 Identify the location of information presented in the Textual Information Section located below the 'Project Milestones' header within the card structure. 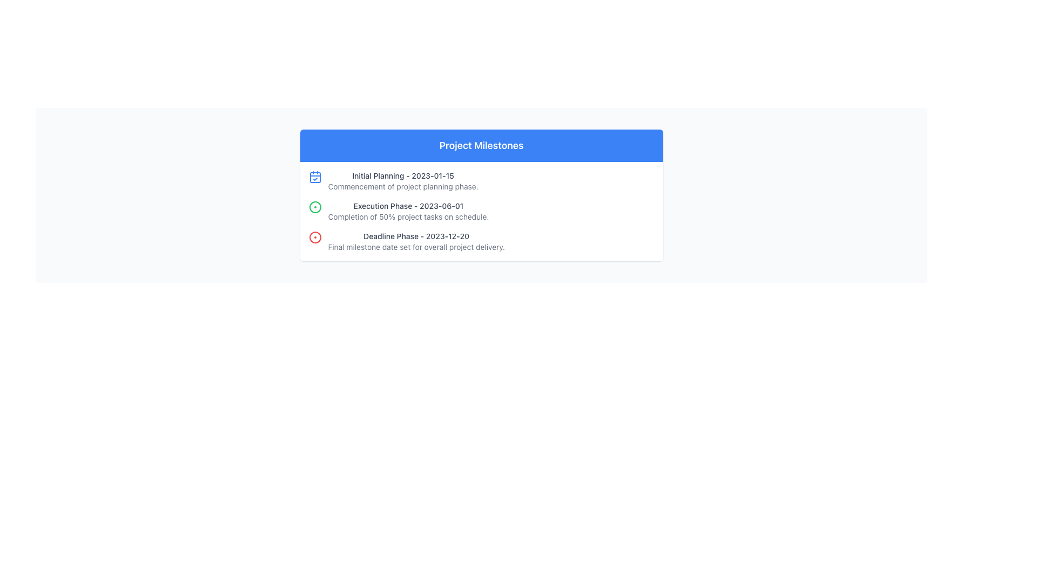
(481, 212).